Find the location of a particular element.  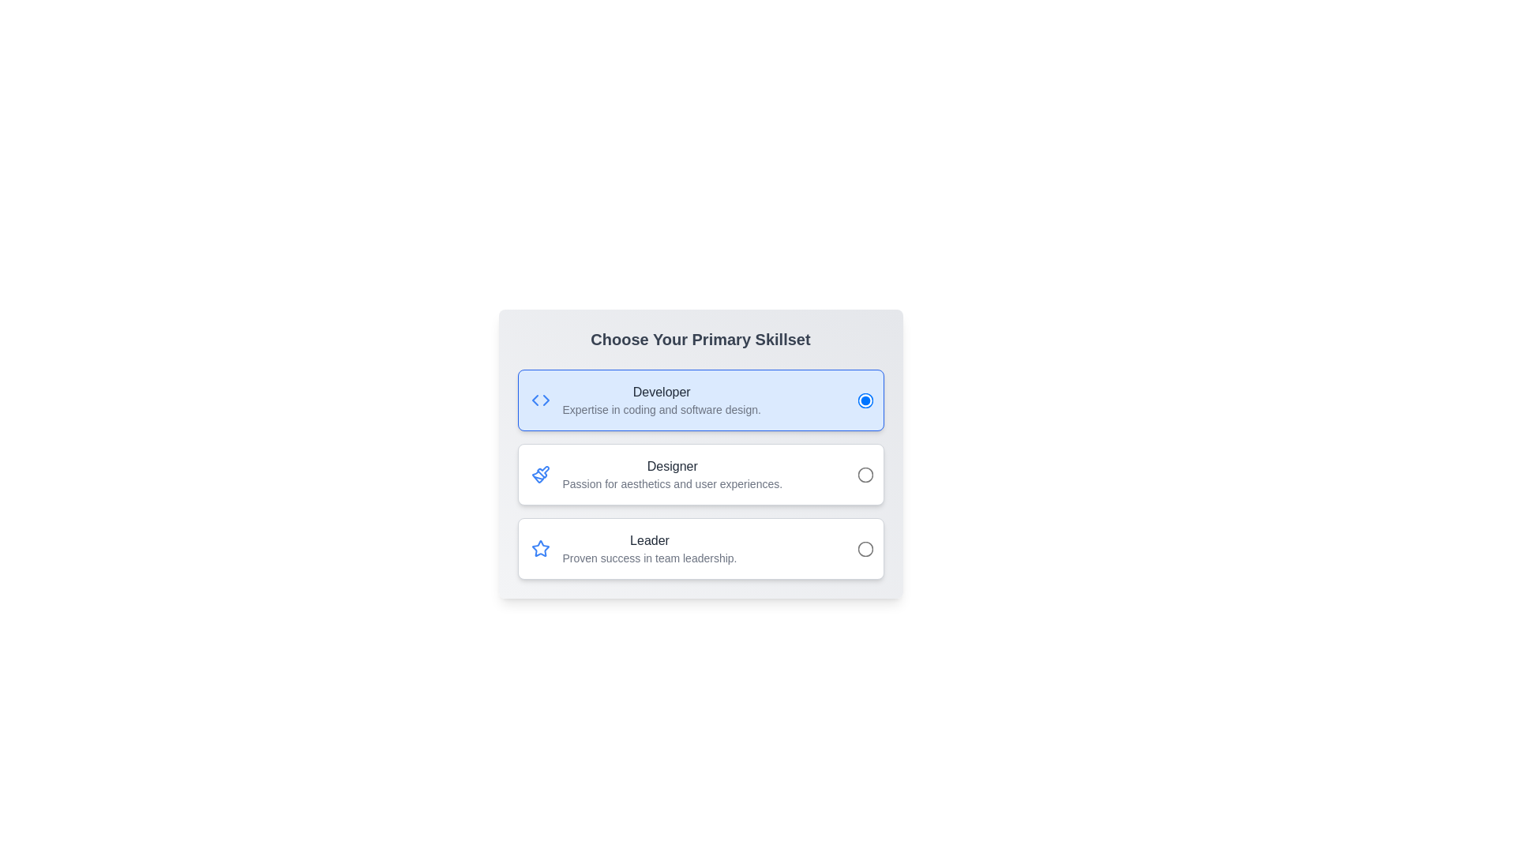

the star-shaped icon with a blue outline next to the 'Designer' text label under 'Choose Your Primary Skillset' is located at coordinates (540, 547).